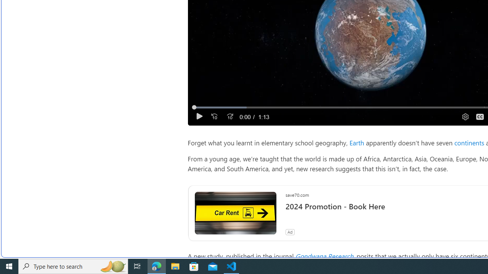 The width and height of the screenshot is (488, 274). I want to click on 'Seek Forward', so click(229, 116).